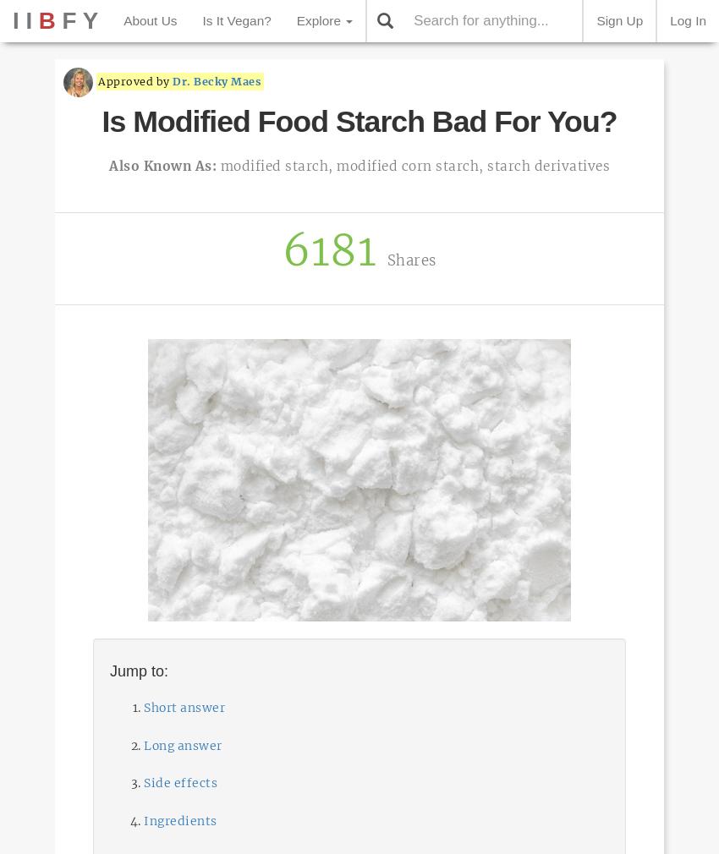 The width and height of the screenshot is (719, 854). Describe the element at coordinates (144, 745) in the screenshot. I see `'Long answer'` at that location.